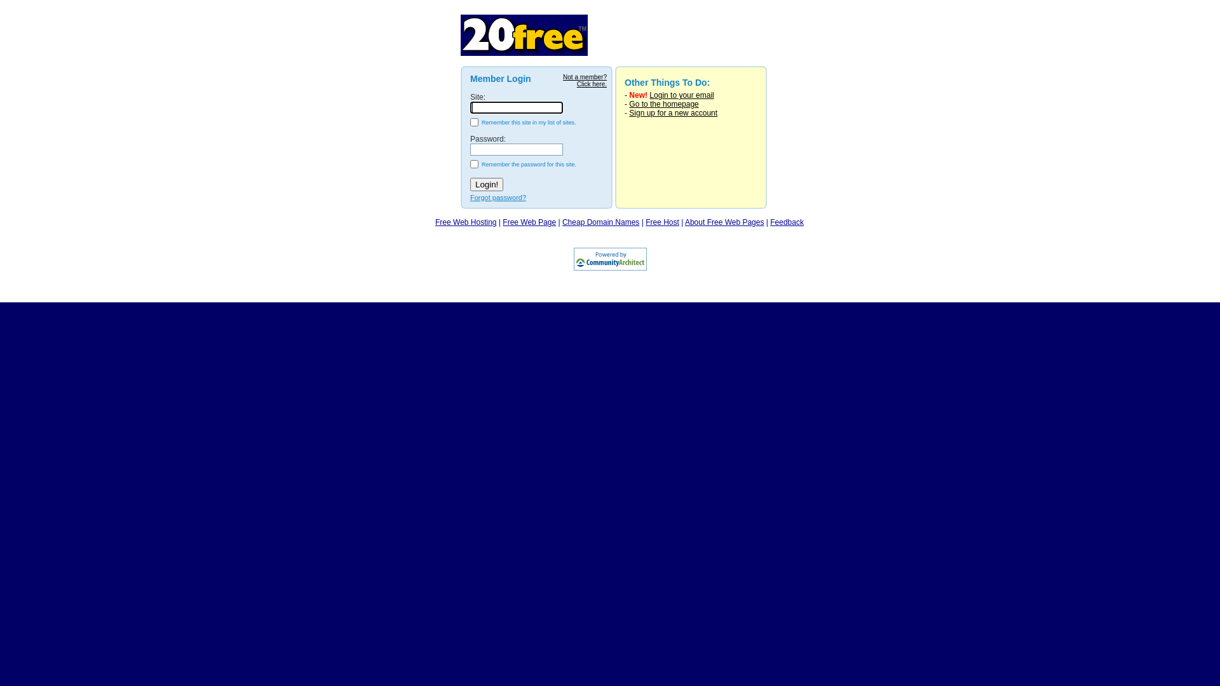  I want to click on 'Free Host', so click(661, 222).